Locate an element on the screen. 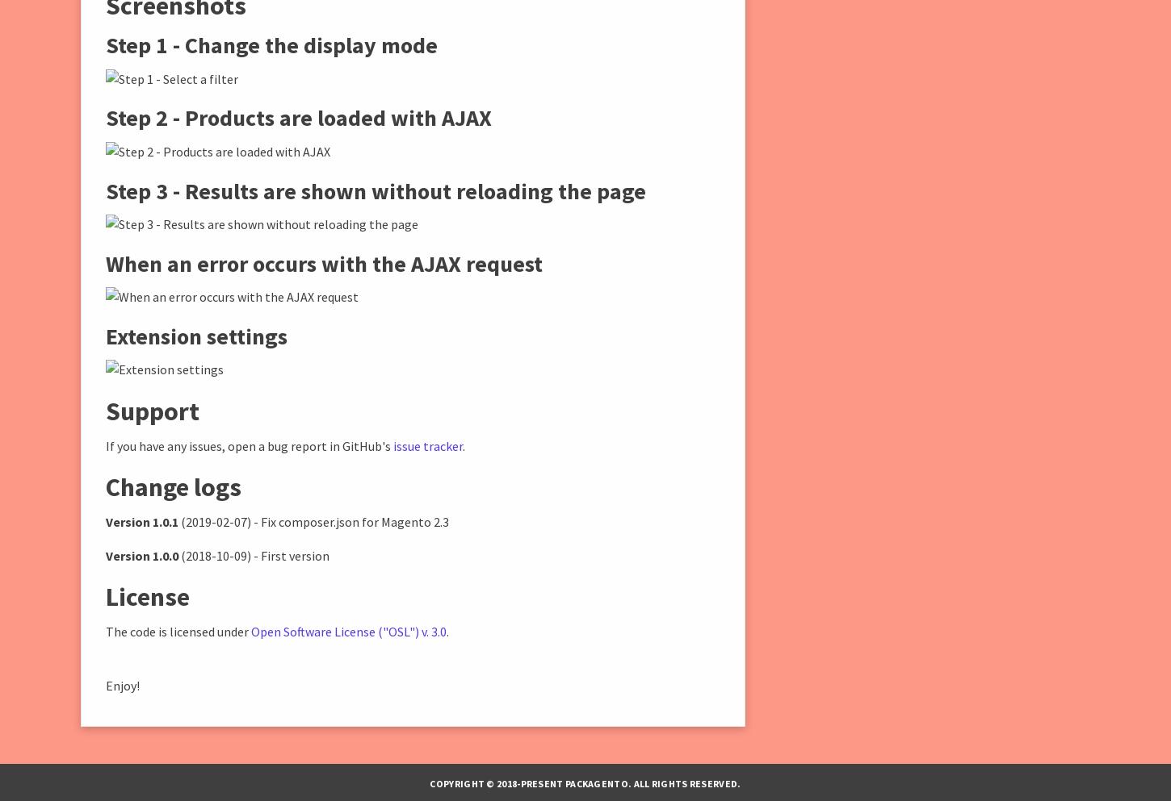 This screenshot has height=801, width=1171. 'Version 1.0.1' is located at coordinates (104, 520).